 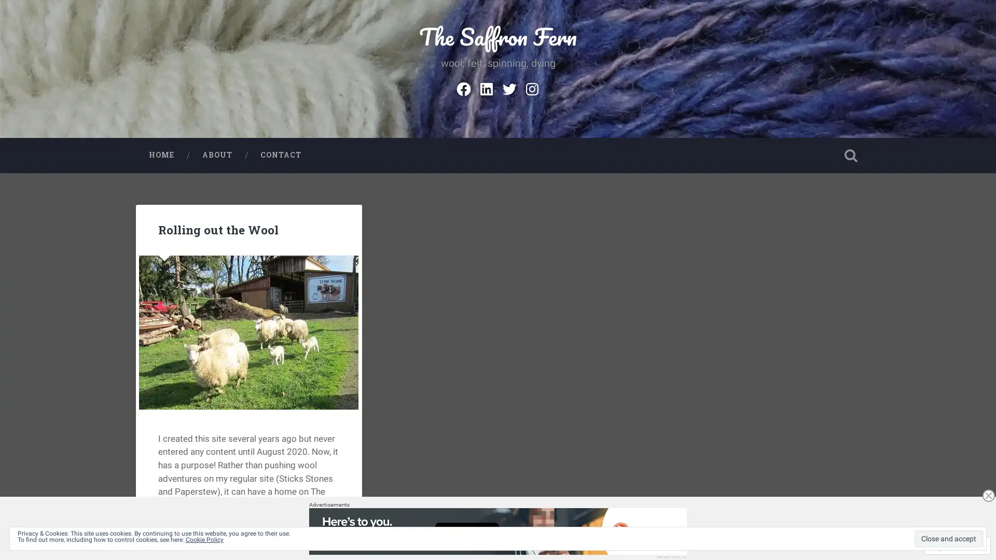 I want to click on Close and accept, so click(x=948, y=538).